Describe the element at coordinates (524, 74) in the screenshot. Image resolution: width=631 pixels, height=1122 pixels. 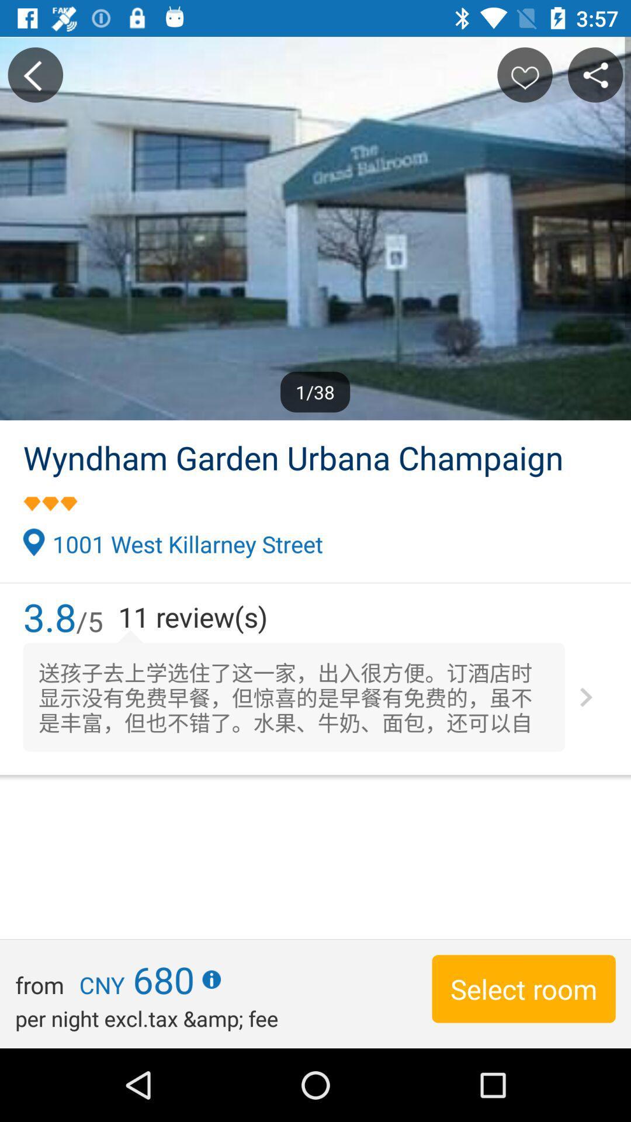
I see `the favorite icon` at that location.